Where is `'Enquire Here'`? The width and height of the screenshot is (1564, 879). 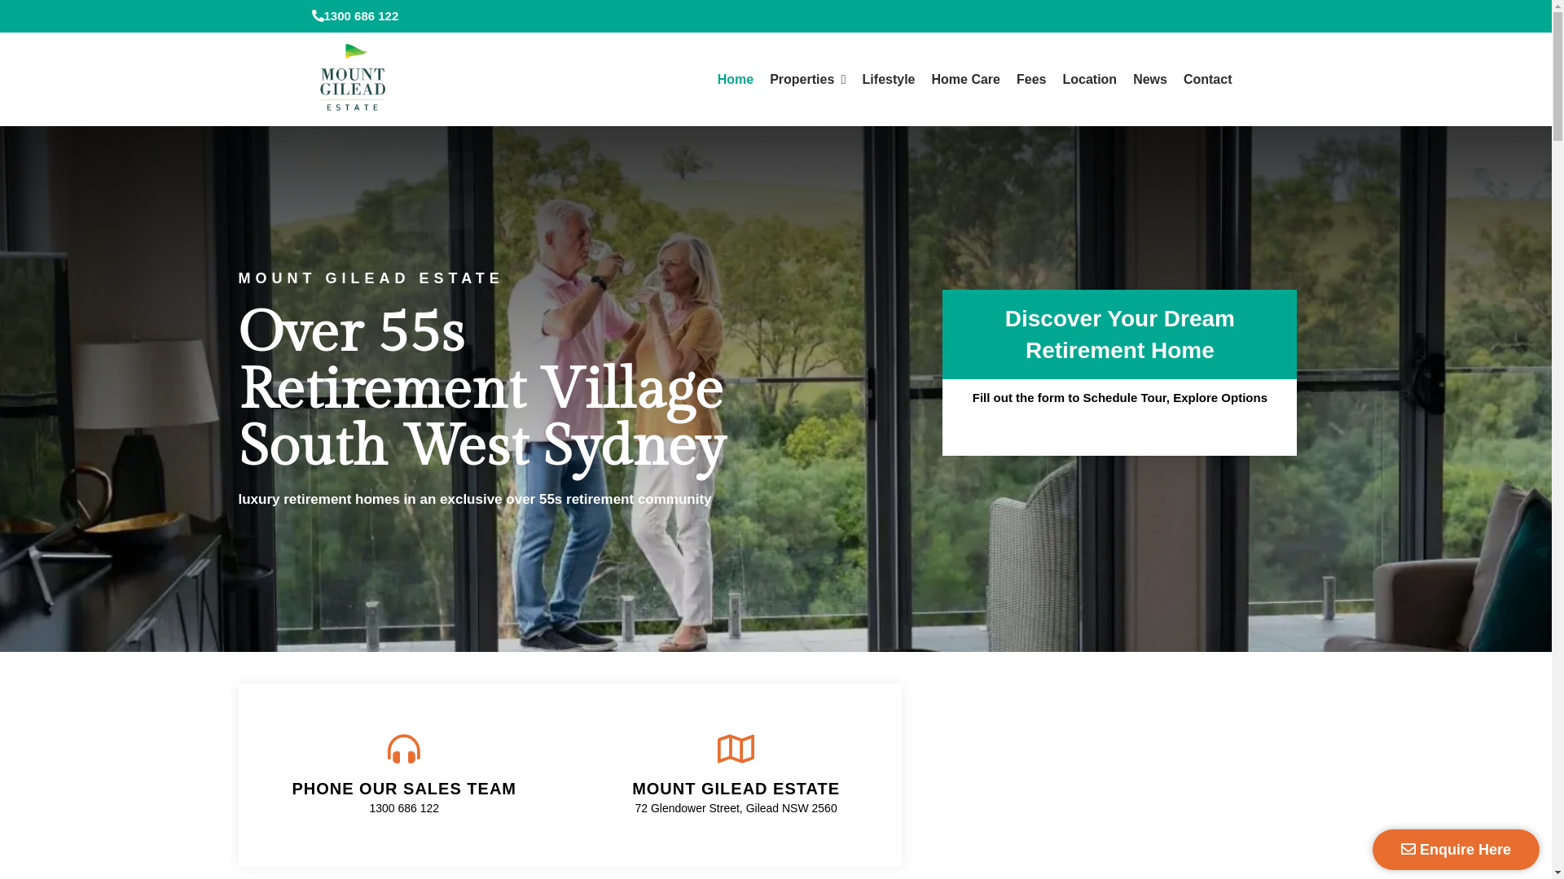 'Enquire Here' is located at coordinates (1456, 849).